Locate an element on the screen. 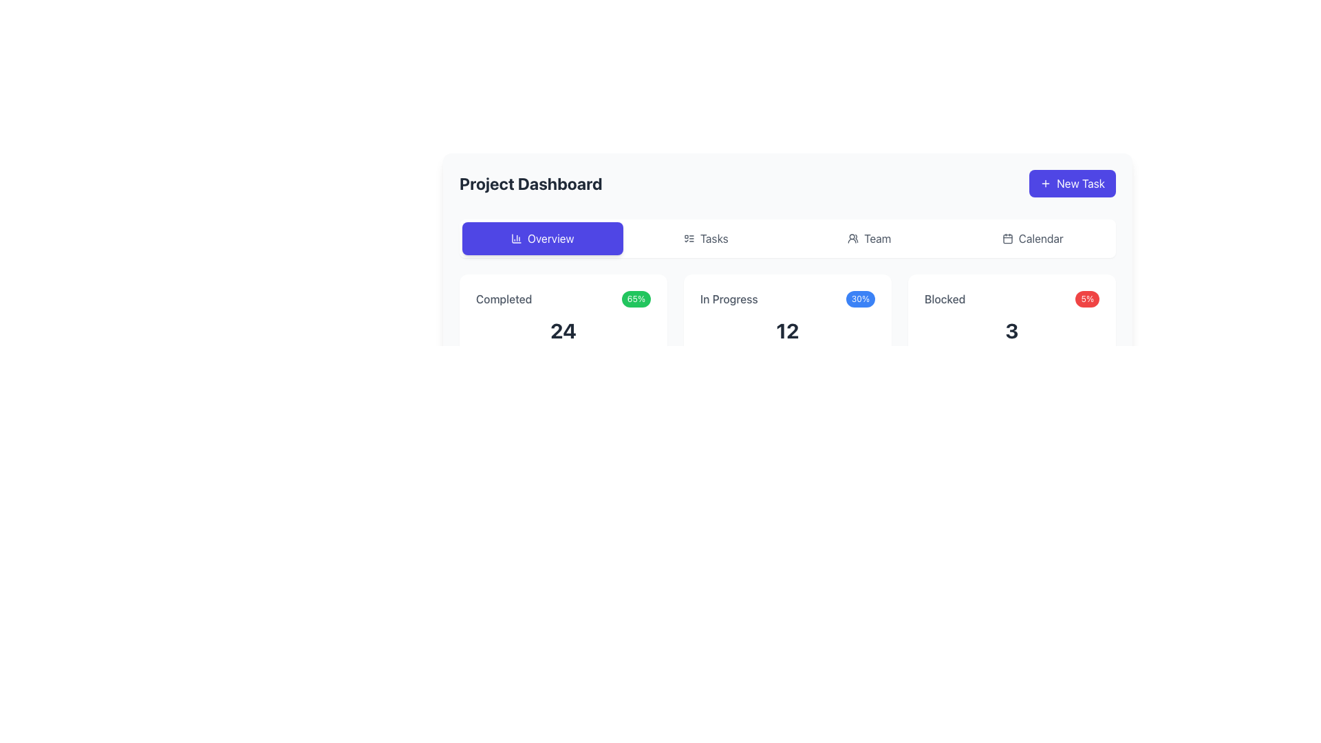 This screenshot has width=1321, height=743. the rectangular blue button labeled 'Overview' with a bar chart icon is located at coordinates (541, 238).